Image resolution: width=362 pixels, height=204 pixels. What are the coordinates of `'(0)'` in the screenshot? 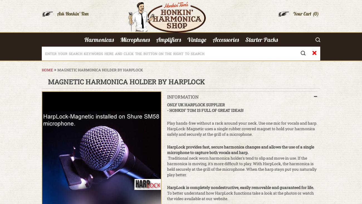 It's located at (315, 13).